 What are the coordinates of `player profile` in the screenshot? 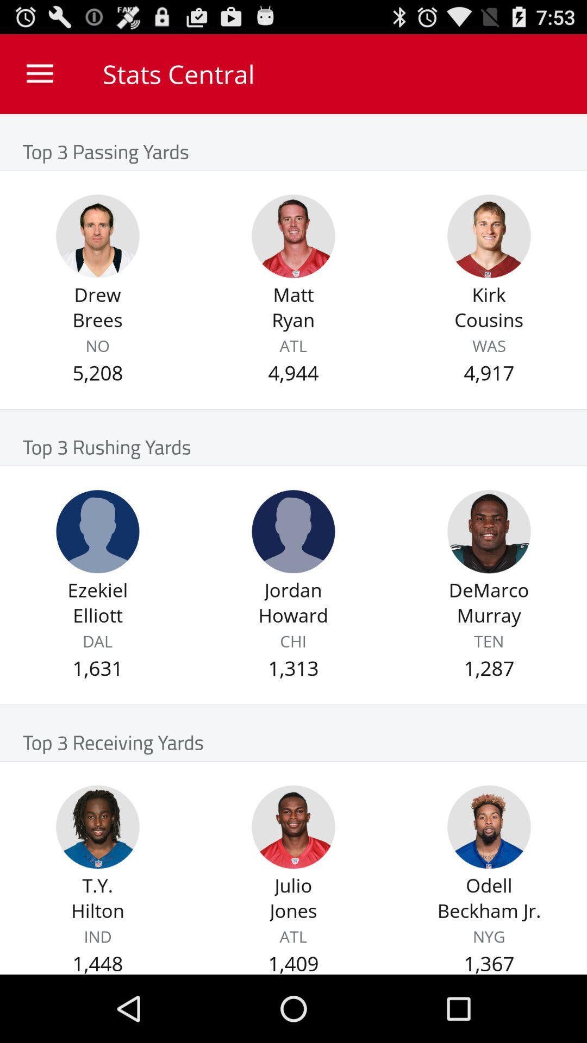 It's located at (488, 531).